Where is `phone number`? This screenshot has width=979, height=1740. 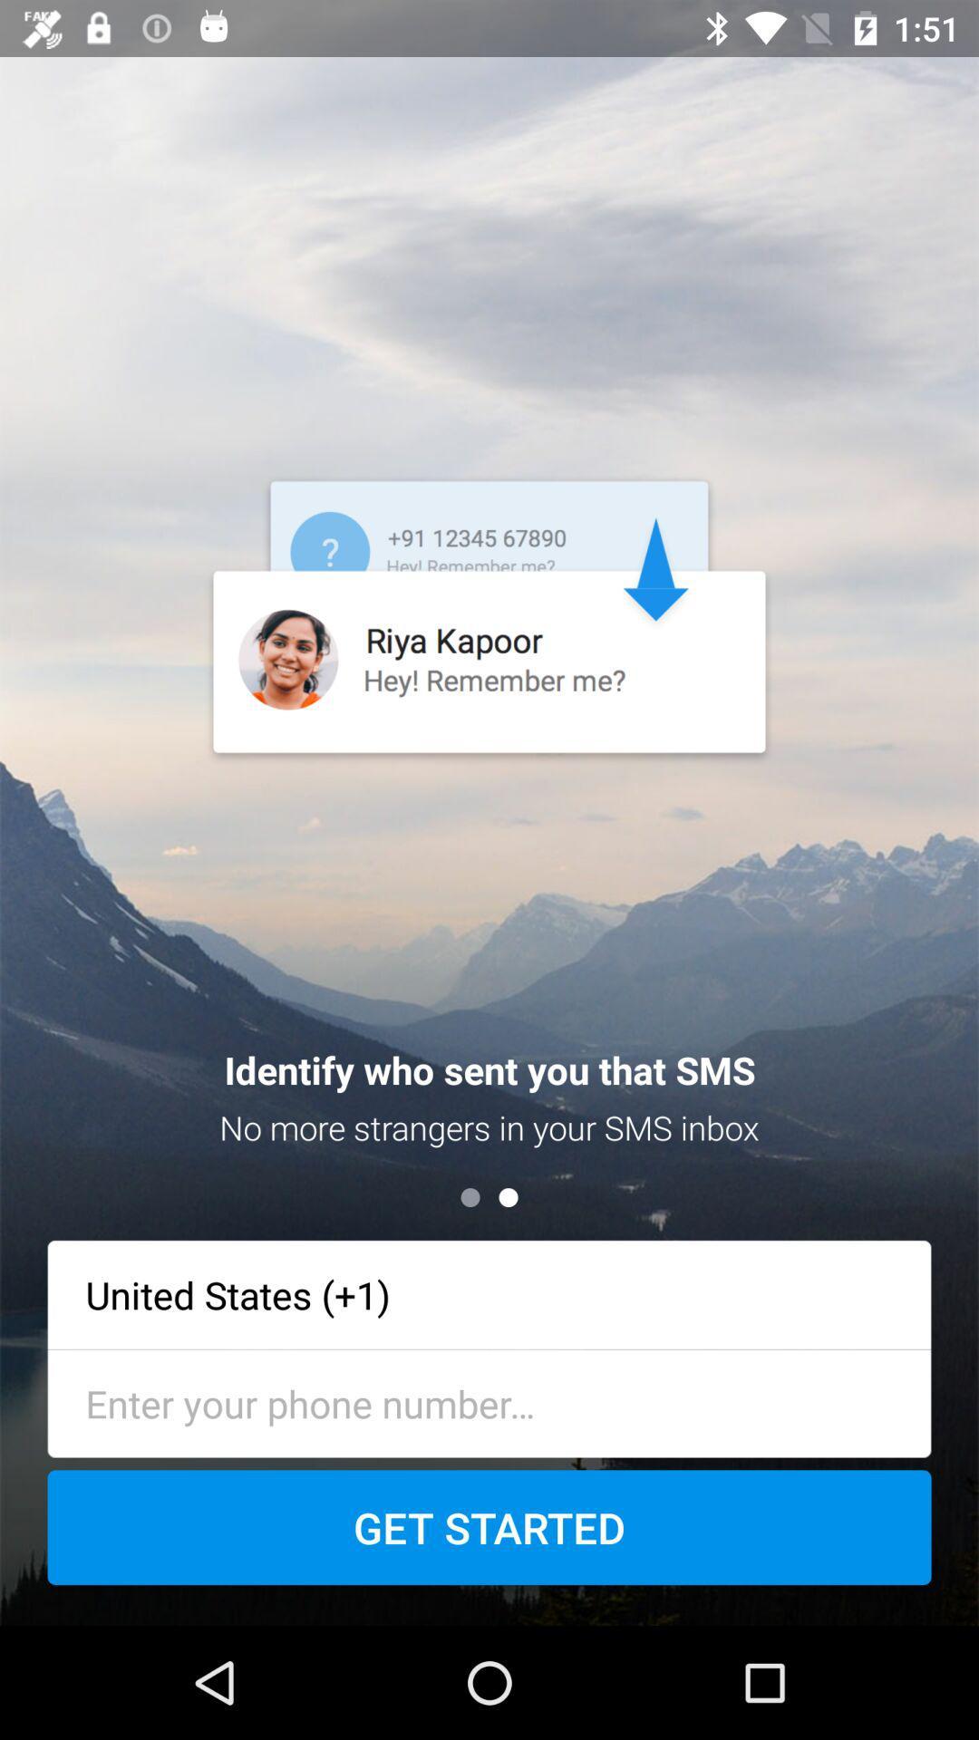 phone number is located at coordinates (489, 1402).